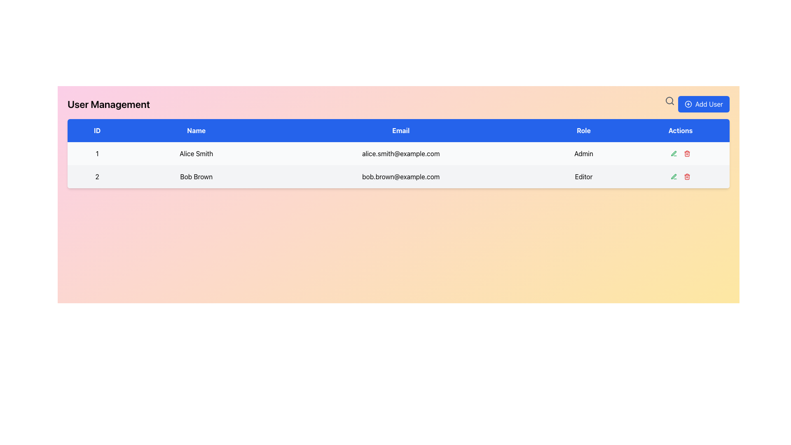 This screenshot has height=445, width=791. Describe the element at coordinates (401, 154) in the screenshot. I see `the static text displaying the email address 'alice.smith@example.com', located in the 'Email' column of the row for 'Alice Smith' under the 'User Management' header` at that location.